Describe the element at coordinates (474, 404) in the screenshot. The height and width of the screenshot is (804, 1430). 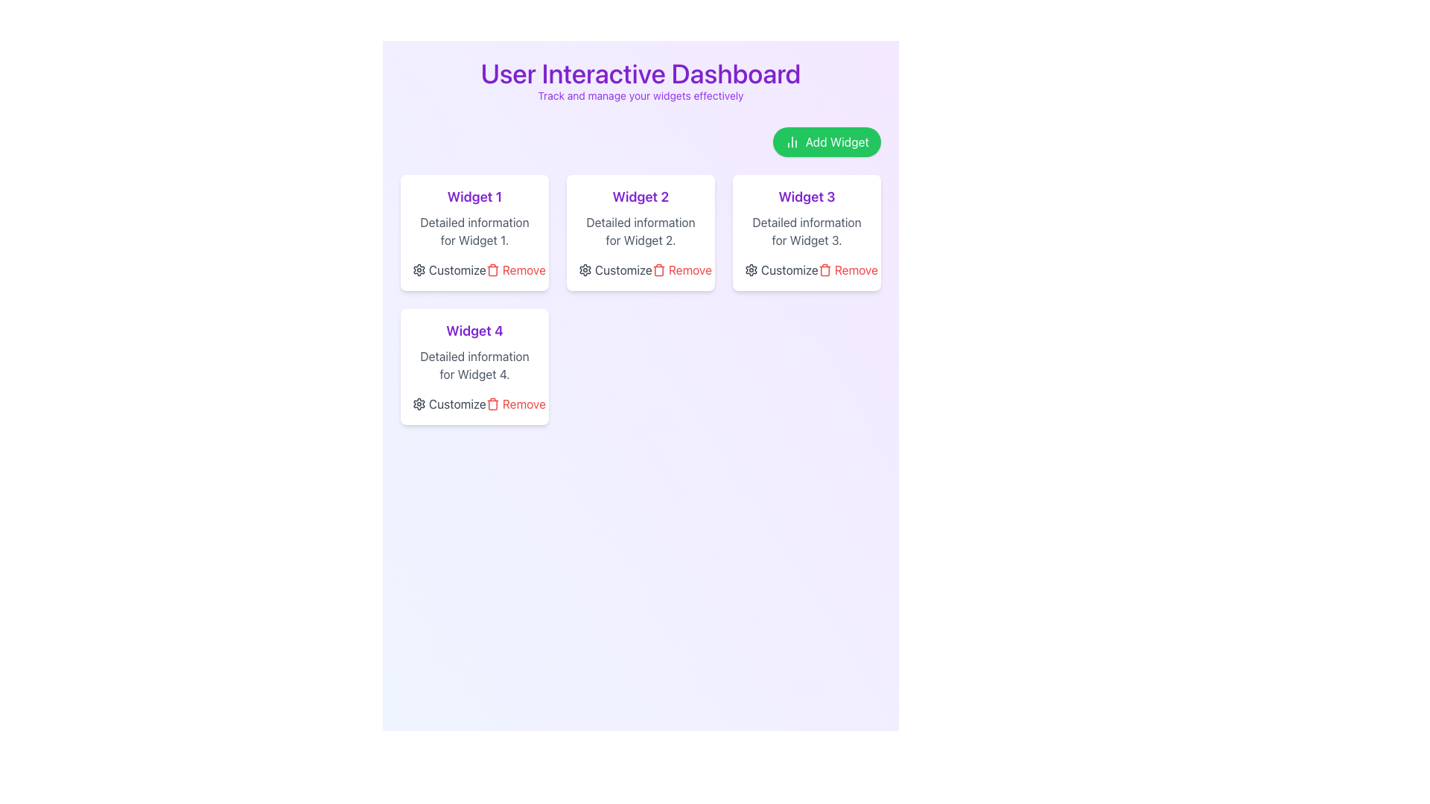
I see `the Interactive Button Group located at the bottom of the card labeled 'Widget 4'` at that location.